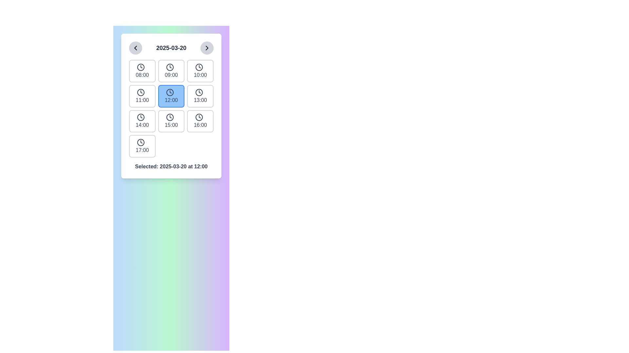 Image resolution: width=629 pixels, height=353 pixels. What do you see at coordinates (200, 121) in the screenshot?
I see `the time selection button for '16:00' located in the bottom row, third column of the grid layout` at bounding box center [200, 121].